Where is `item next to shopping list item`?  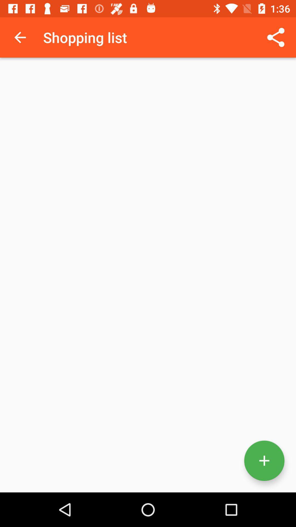 item next to shopping list item is located at coordinates (20, 37).